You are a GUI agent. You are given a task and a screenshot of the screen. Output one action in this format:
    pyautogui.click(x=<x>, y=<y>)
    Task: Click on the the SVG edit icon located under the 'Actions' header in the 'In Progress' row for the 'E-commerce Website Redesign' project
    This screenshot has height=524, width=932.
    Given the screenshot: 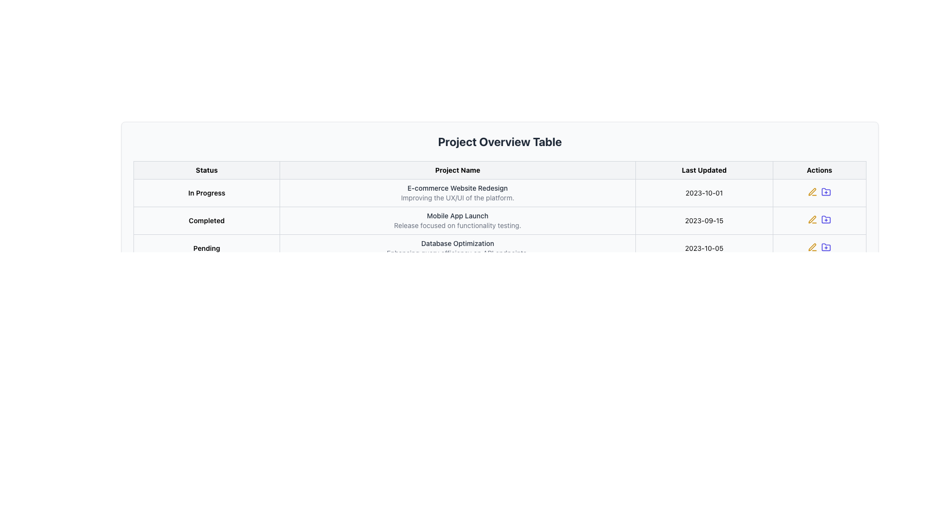 What is the action you would take?
    pyautogui.click(x=812, y=192)
    